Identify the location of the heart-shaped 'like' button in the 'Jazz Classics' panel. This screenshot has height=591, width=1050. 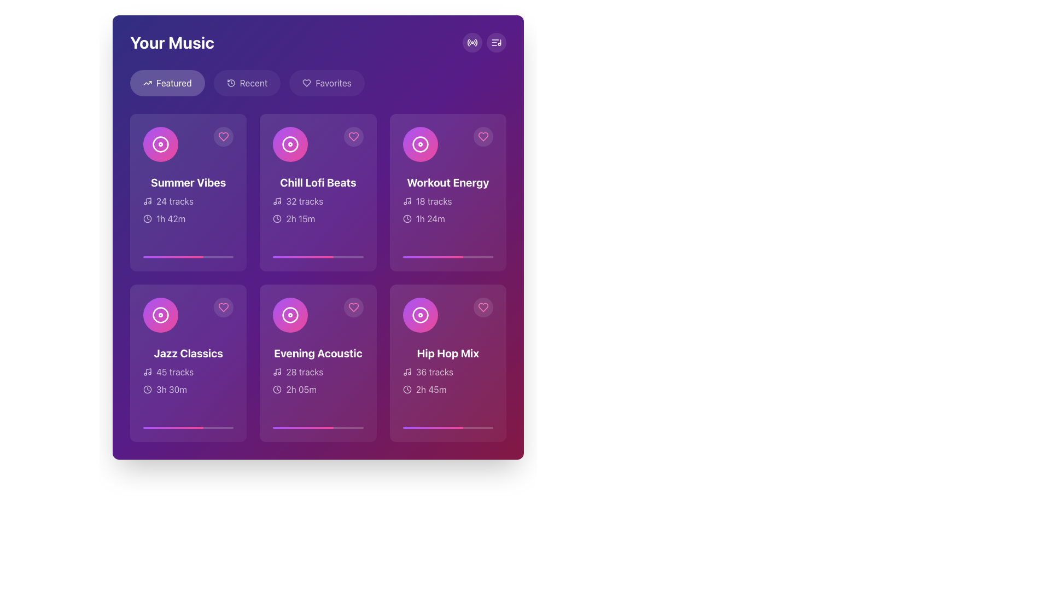
(223, 308).